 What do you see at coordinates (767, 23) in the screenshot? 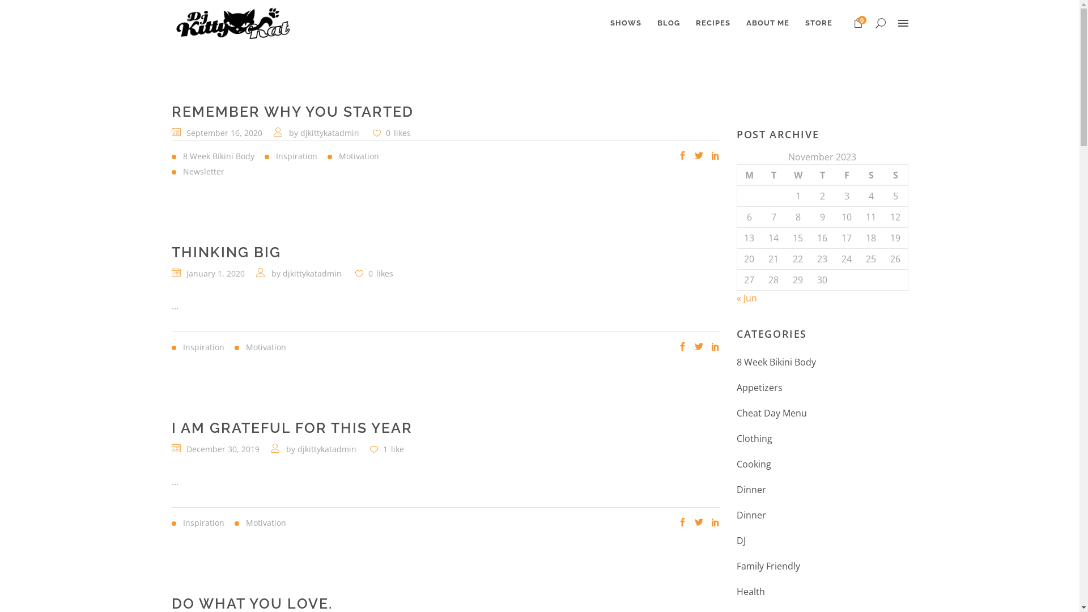
I see `'ABOUT ME'` at bounding box center [767, 23].